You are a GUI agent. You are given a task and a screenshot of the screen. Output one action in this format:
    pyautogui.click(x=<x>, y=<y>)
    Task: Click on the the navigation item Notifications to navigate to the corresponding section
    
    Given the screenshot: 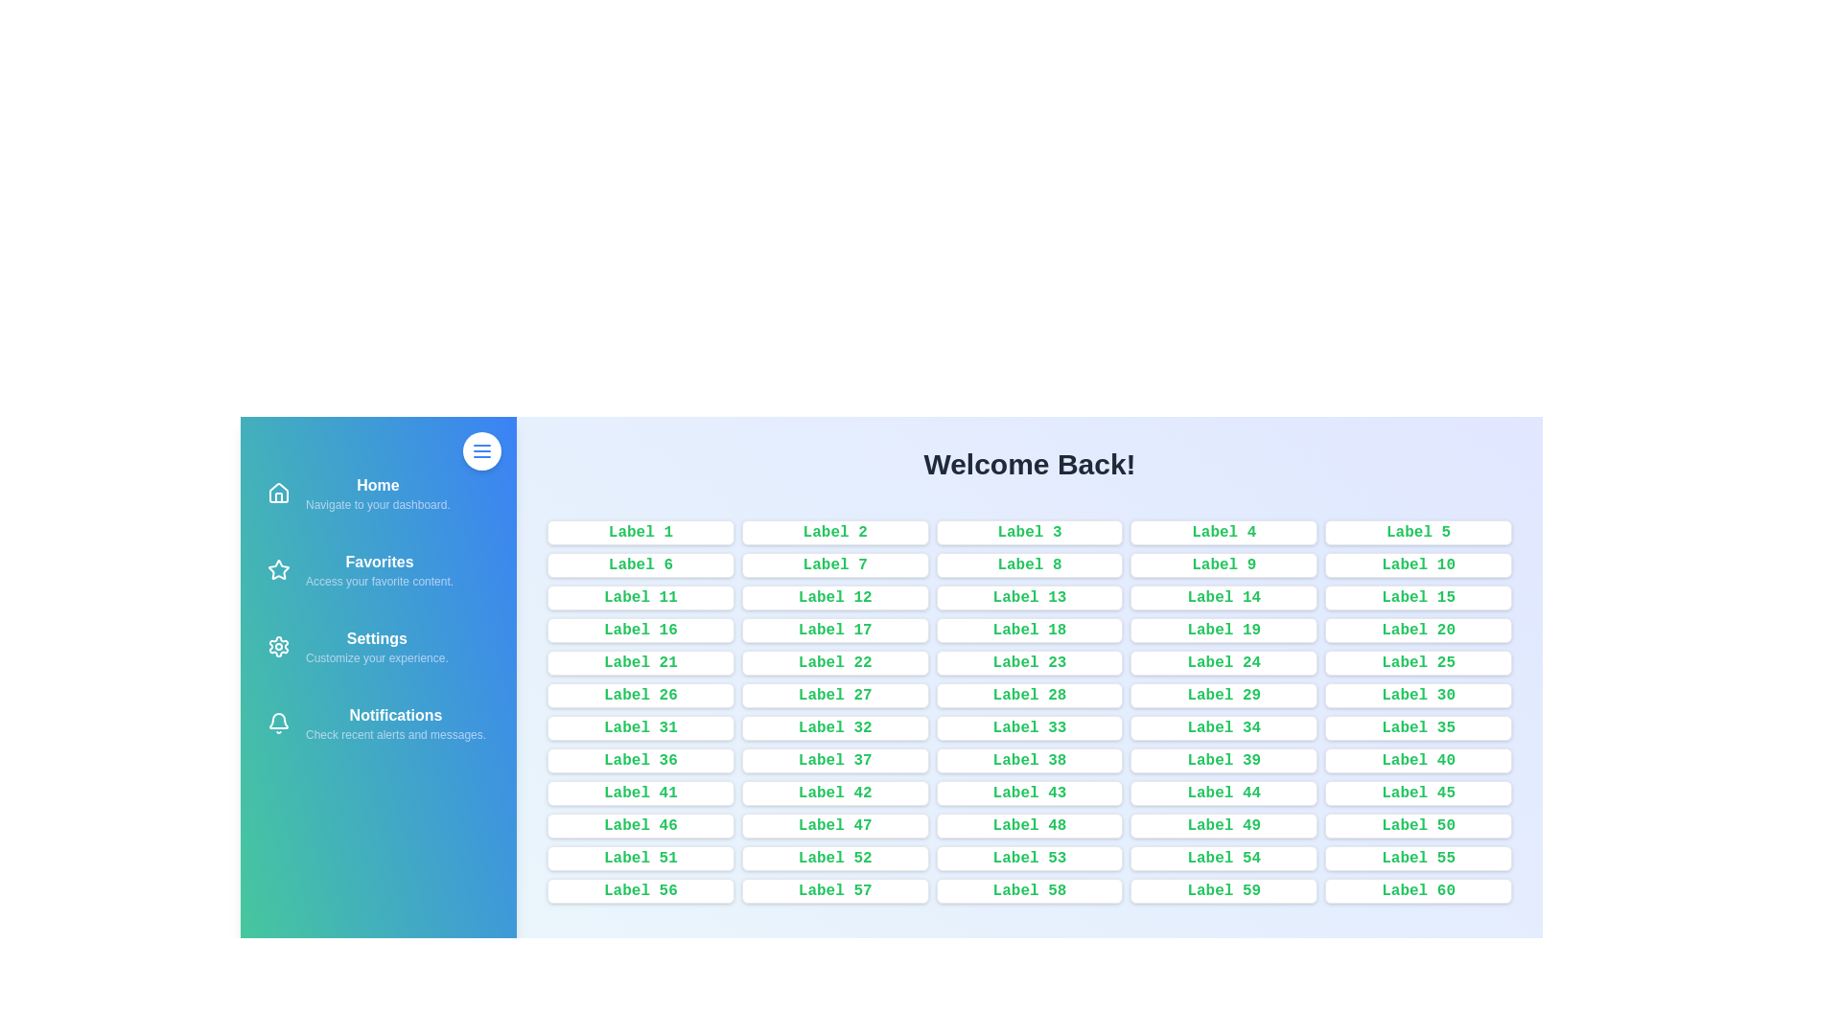 What is the action you would take?
    pyautogui.click(x=378, y=724)
    